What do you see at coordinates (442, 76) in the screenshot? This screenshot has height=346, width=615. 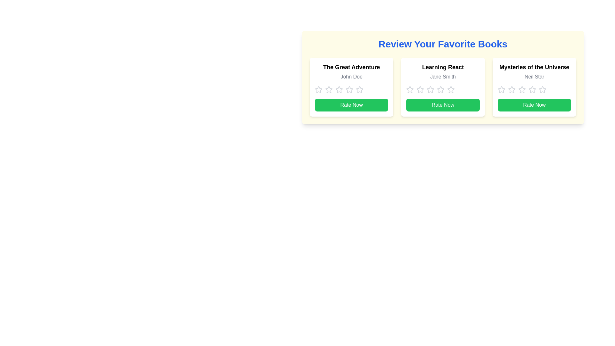 I see `the static text label 'Jane Smith' located below the title 'Learning React' on the second card in the 'Review Your Favorite Books' section` at bounding box center [442, 76].